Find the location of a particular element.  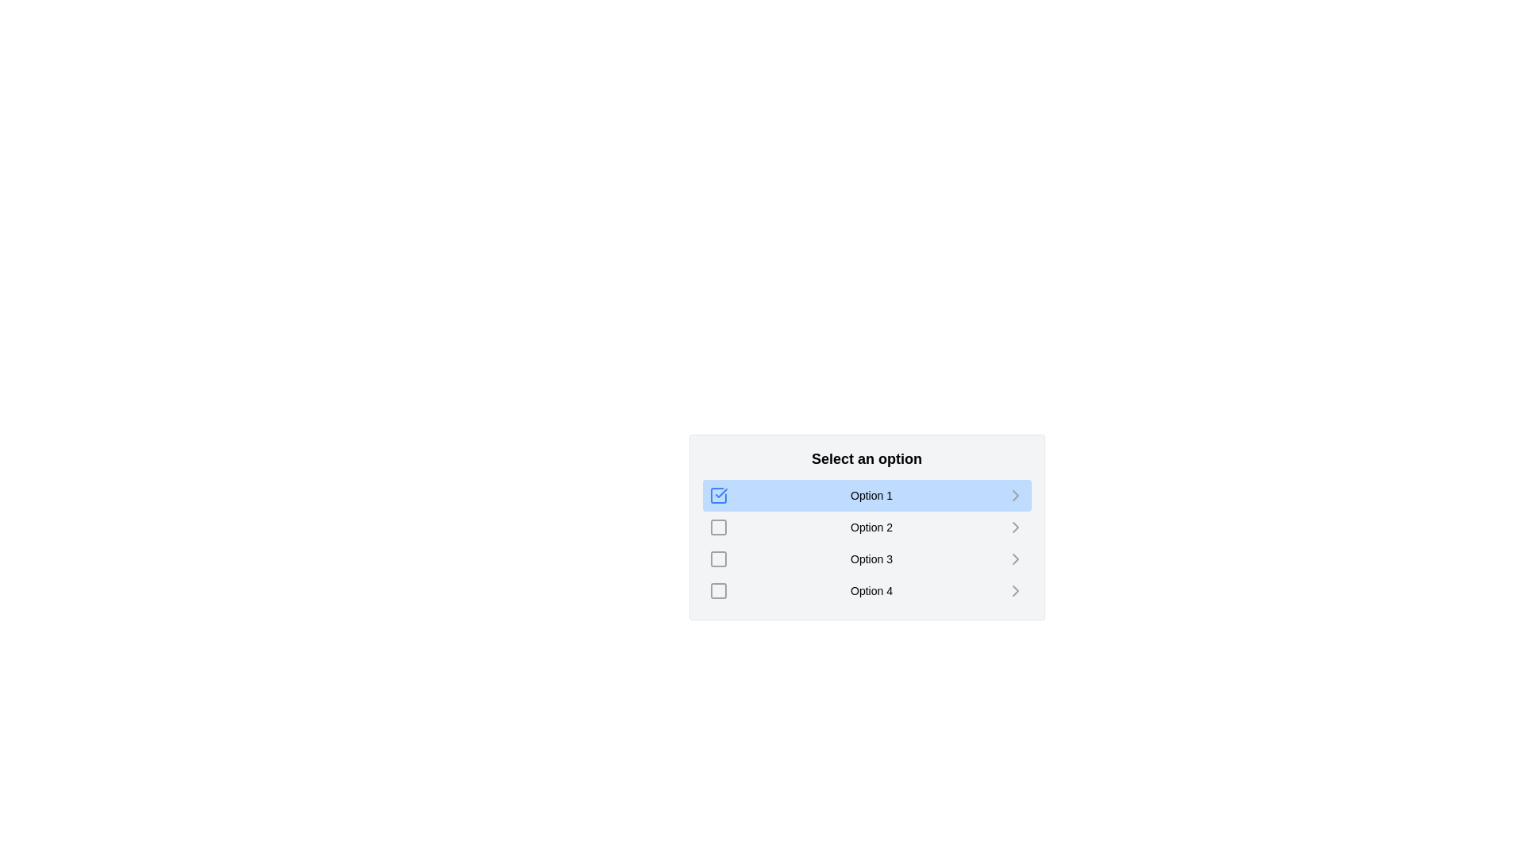

the bold text label displaying 'Select an option', which is prominently styled and positioned above the clickable options in a vertical list is located at coordinates (866, 459).